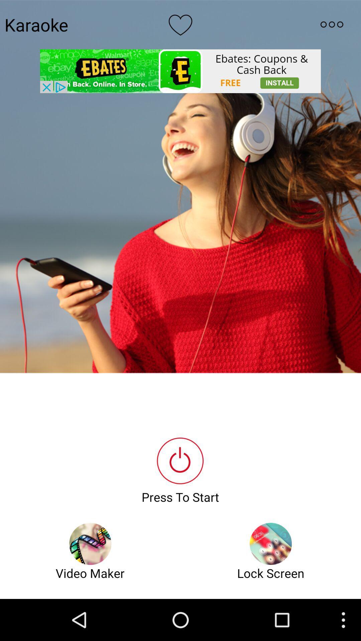 The width and height of the screenshot is (361, 641). Describe the element at coordinates (332, 26) in the screenshot. I see `the more icon` at that location.